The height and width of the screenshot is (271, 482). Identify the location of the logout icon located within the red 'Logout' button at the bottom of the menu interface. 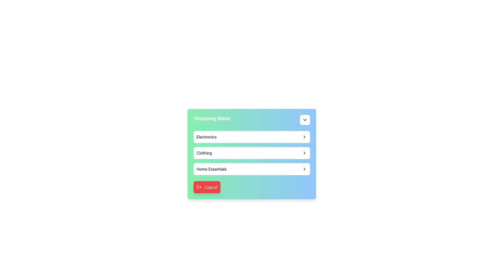
(199, 187).